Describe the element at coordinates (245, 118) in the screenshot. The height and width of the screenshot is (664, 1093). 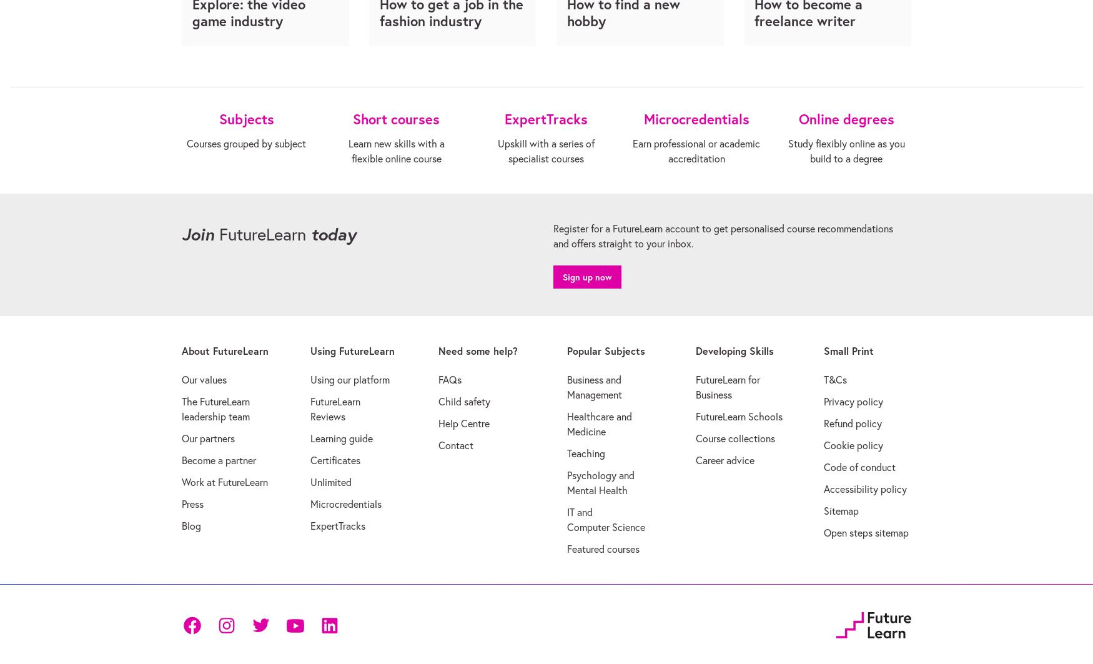
I see `'Subjects'` at that location.